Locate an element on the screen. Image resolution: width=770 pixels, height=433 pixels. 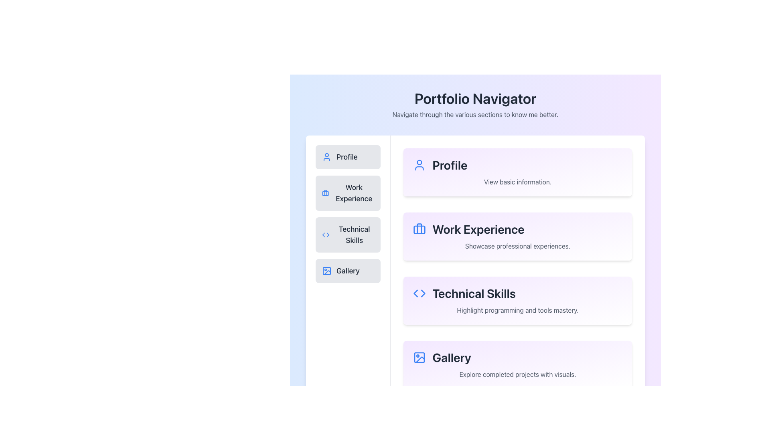
the left arrowhead SVG icon in the sidebar, which is part of the navigation icons set, positioned to the left of the 'Technical Skills' section is located at coordinates (415, 293).